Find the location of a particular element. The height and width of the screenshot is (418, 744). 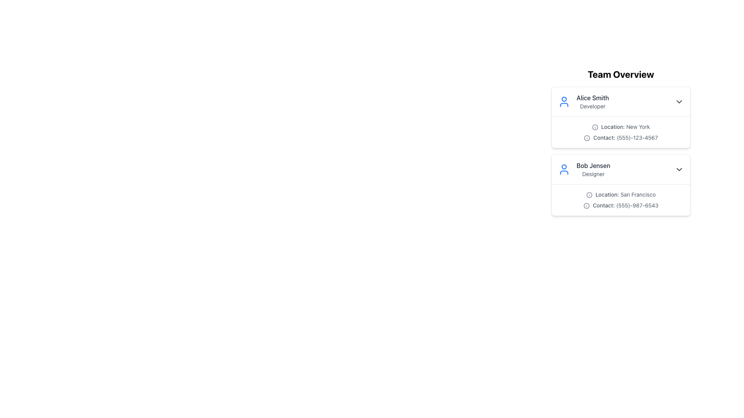

the Profile Display element representing 'Bob Jensen', which includes a blue user icon and the name 'Bob Jensen' above the role 'Designer' is located at coordinates (584, 169).